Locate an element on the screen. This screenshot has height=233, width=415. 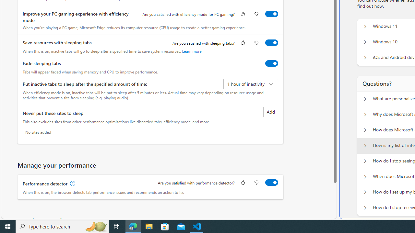
'Manage personalized ads on your device Windows 11' is located at coordinates (365, 26).